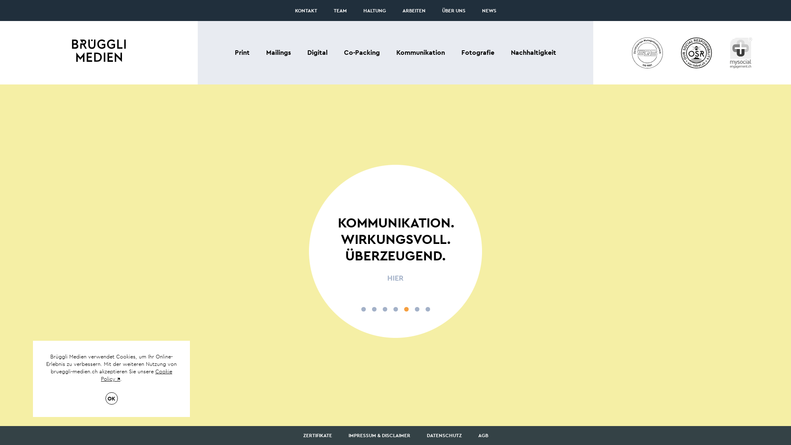  Describe the element at coordinates (317, 52) in the screenshot. I see `'Digital'` at that location.